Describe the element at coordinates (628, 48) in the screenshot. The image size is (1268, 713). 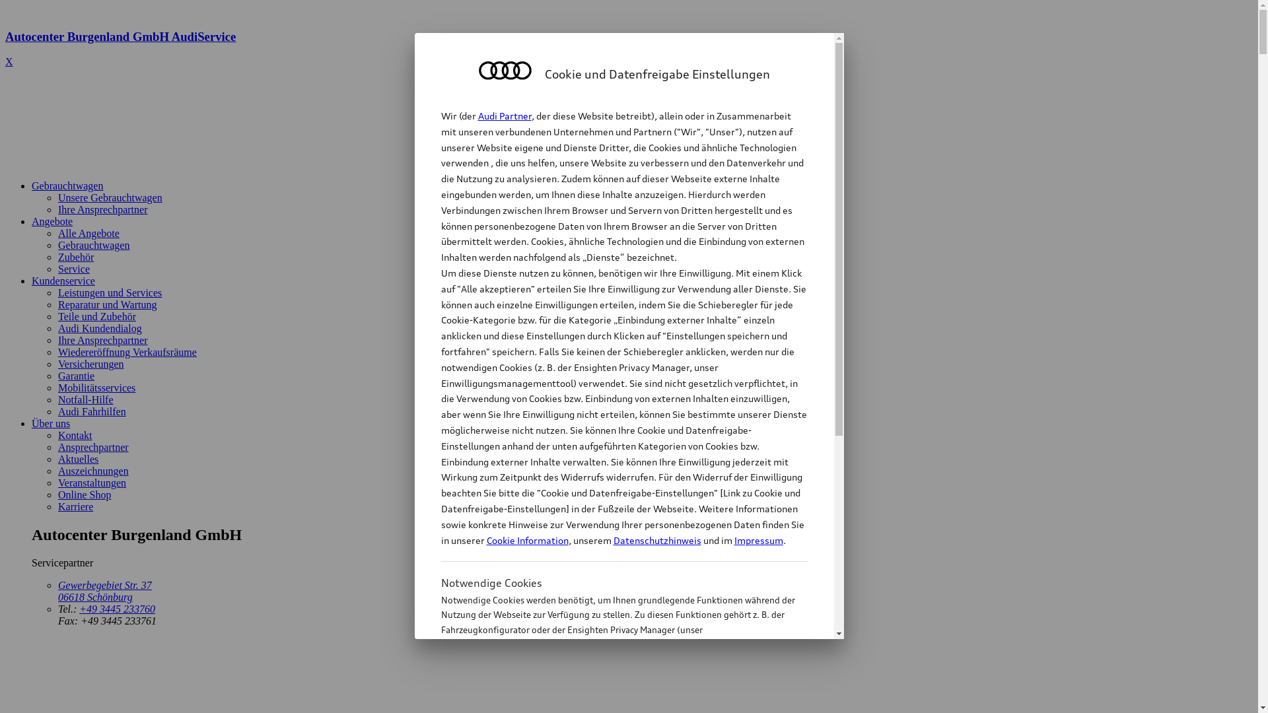
I see `'Autocenter Burgenland GmbH AudiService'` at that location.